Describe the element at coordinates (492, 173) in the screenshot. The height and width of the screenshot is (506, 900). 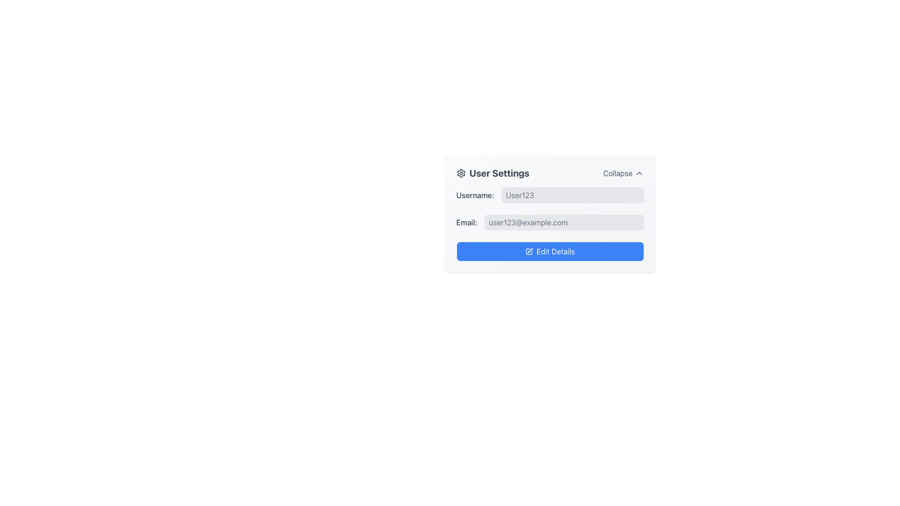
I see `the Text Label that indicates the settings section, which is positioned at the top of the settings panel, adjacent to the gear icon` at that location.